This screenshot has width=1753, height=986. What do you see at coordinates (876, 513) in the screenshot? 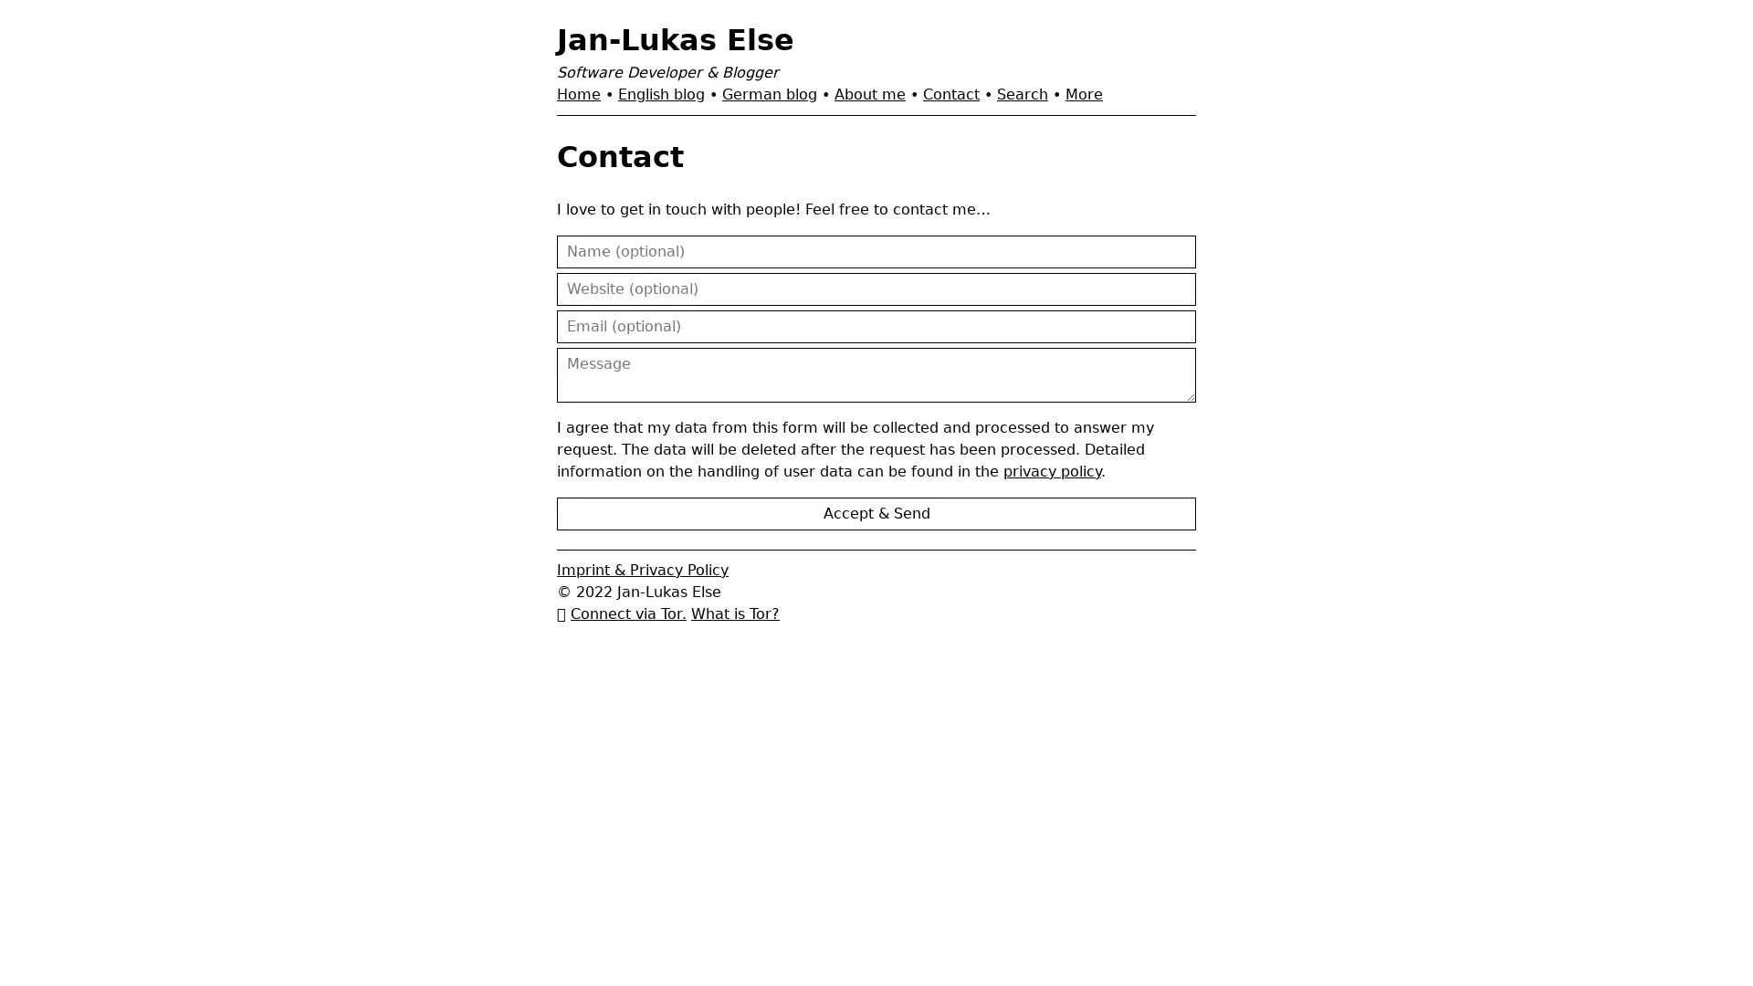
I see `Accept & Send` at bounding box center [876, 513].